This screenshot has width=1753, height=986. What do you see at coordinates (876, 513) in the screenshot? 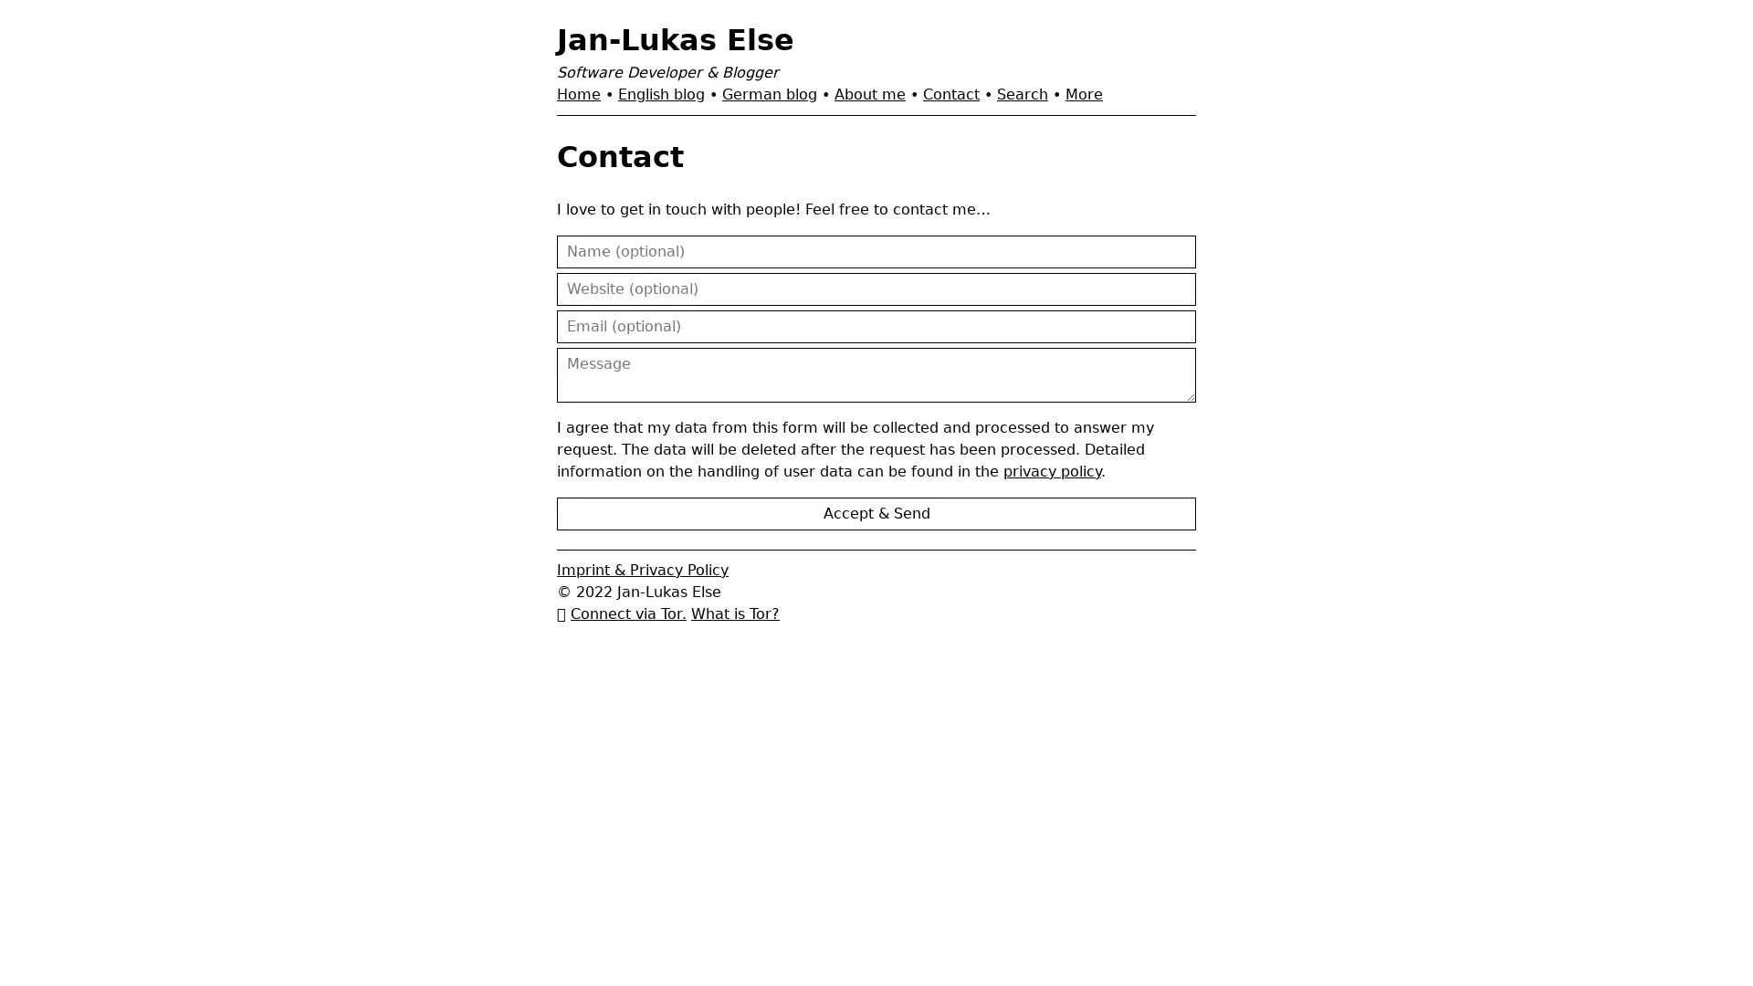
I see `Accept & Send` at bounding box center [876, 513].